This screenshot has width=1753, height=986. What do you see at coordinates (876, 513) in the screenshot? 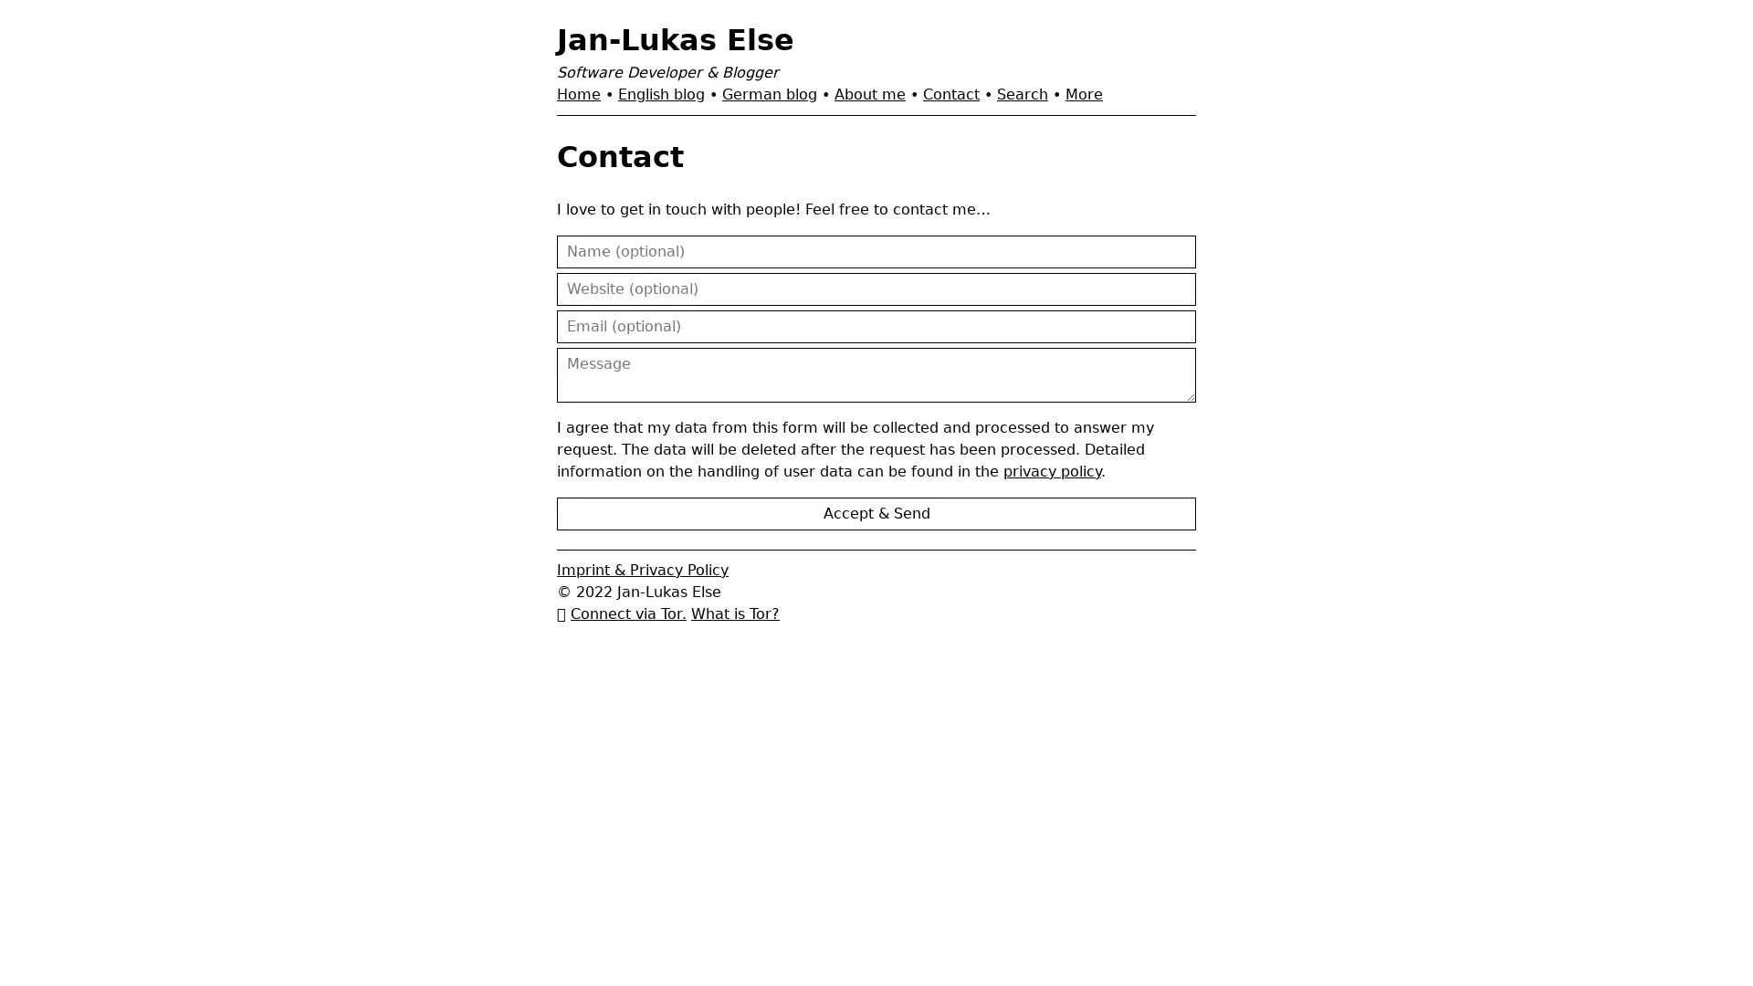
I see `Accept & Send` at bounding box center [876, 513].